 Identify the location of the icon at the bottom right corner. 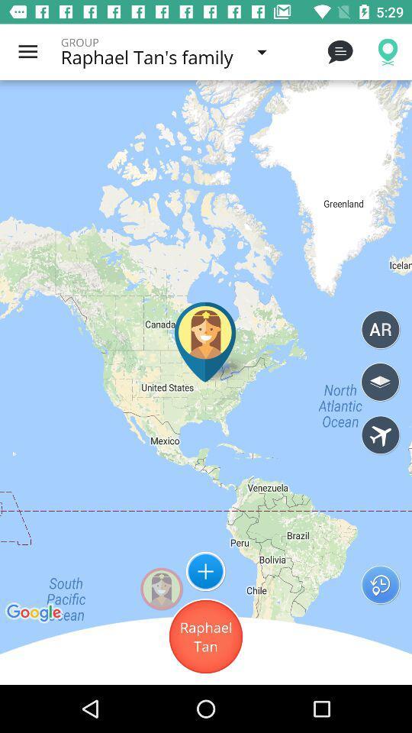
(379, 583).